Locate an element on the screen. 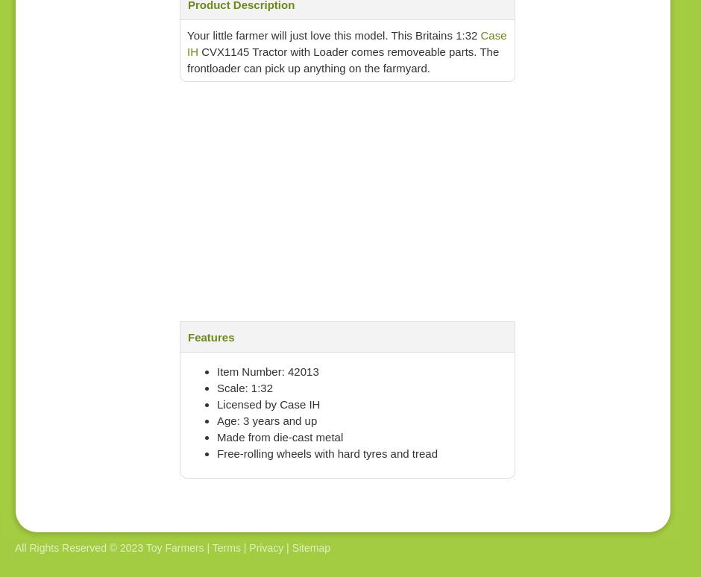 The image size is (701, 577). 'Features' is located at coordinates (210, 336).